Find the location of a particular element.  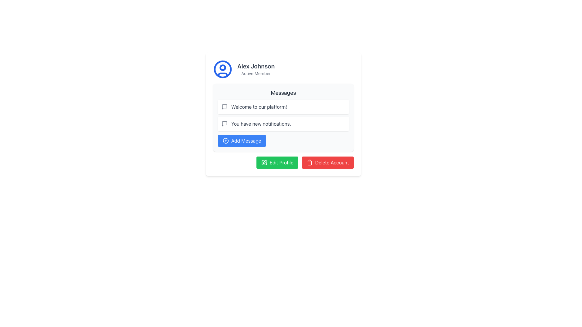

the profile edit button located at the bottom-right corner of the card to observe changes in its style, indicating interactivity is located at coordinates (283, 162).